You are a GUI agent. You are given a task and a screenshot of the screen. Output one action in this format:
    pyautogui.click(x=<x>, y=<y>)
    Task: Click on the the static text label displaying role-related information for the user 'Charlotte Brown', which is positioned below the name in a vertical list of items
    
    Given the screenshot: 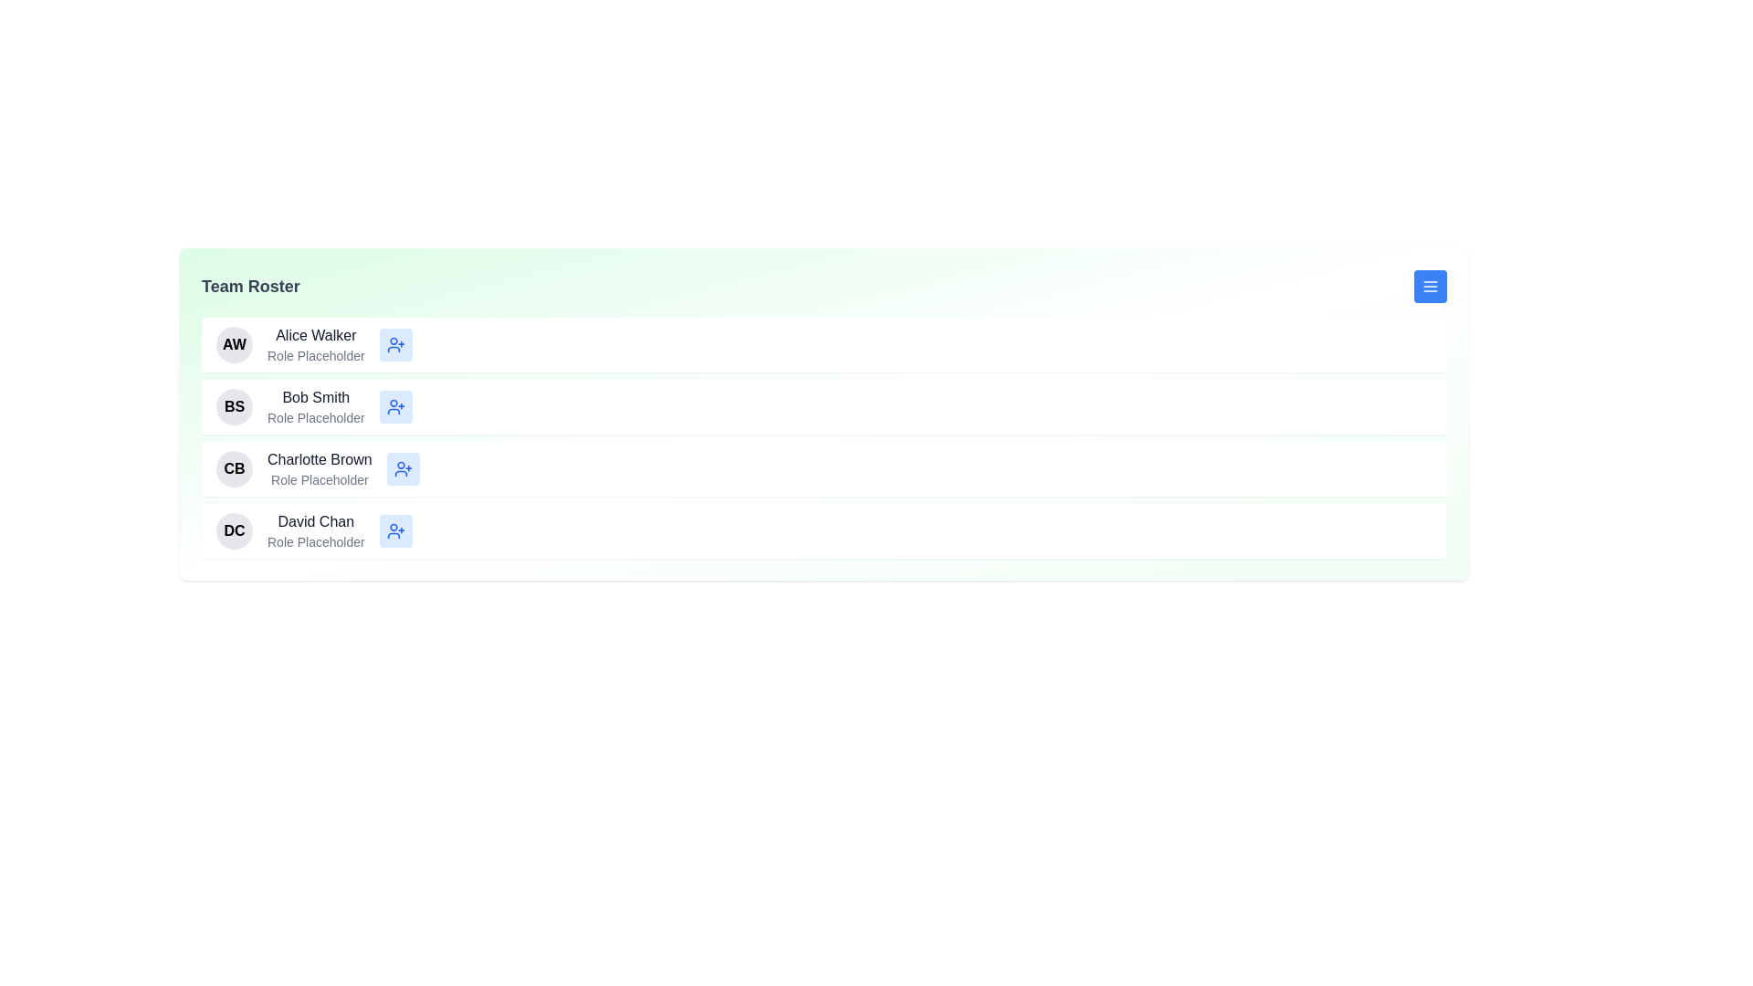 What is the action you would take?
    pyautogui.click(x=320, y=478)
    